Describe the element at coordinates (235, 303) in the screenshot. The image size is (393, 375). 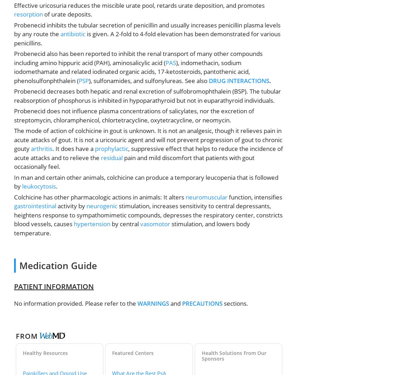
I see `'sections.'` at that location.